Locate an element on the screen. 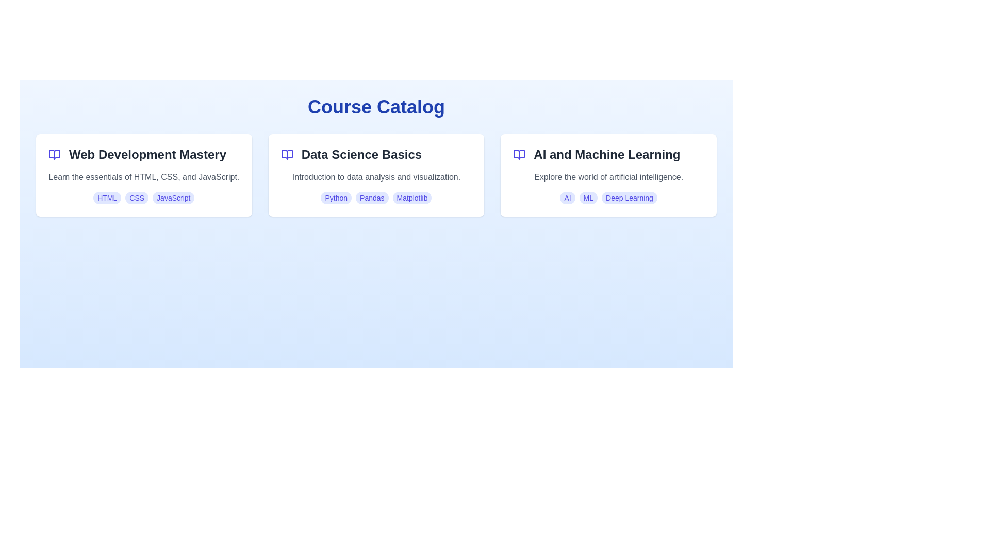 This screenshot has width=990, height=557. static text displaying 'Learn the essentials of HTML, CSS, and JavaScript.' located below the title 'Web Development Mastery' in the upper-left card of the interface is located at coordinates (143, 176).